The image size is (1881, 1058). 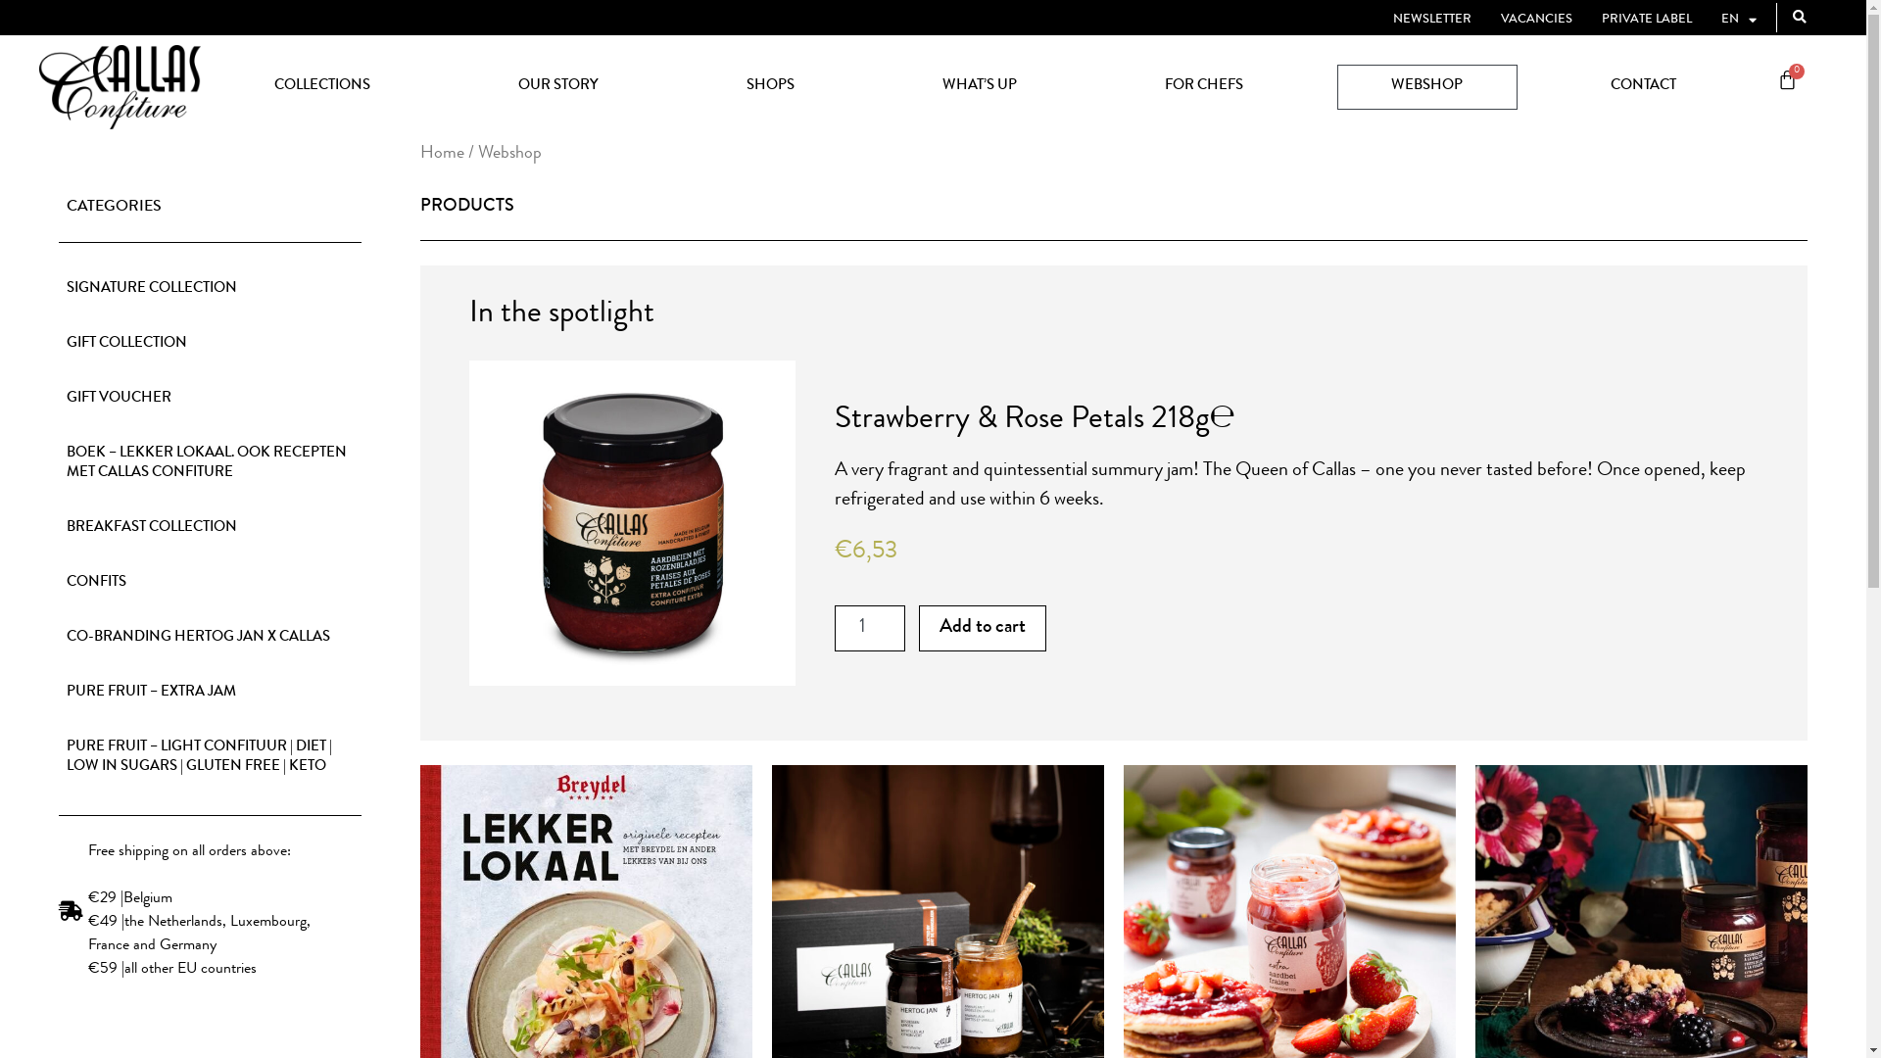 What do you see at coordinates (1425, 85) in the screenshot?
I see `'WEBSHOP'` at bounding box center [1425, 85].